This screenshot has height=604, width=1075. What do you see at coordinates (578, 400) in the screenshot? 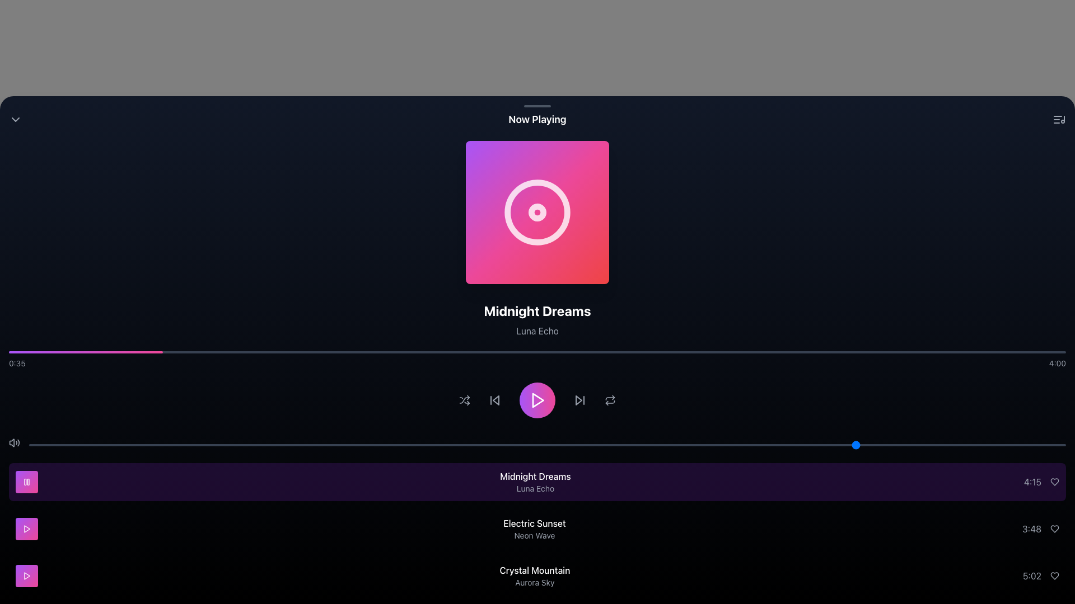
I see `the triangular-shaped skip-forward icon located to the right of the central play button in the playback control section to highlight it` at bounding box center [578, 400].